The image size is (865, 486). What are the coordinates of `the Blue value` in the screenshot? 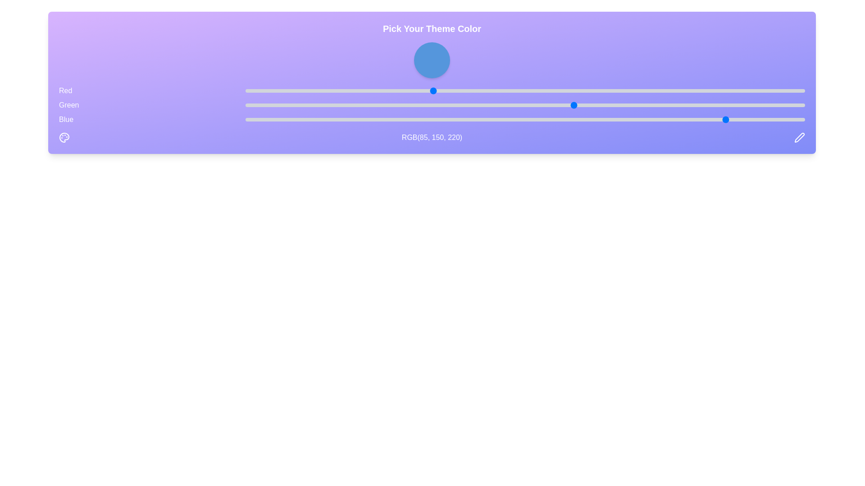 It's located at (445, 119).